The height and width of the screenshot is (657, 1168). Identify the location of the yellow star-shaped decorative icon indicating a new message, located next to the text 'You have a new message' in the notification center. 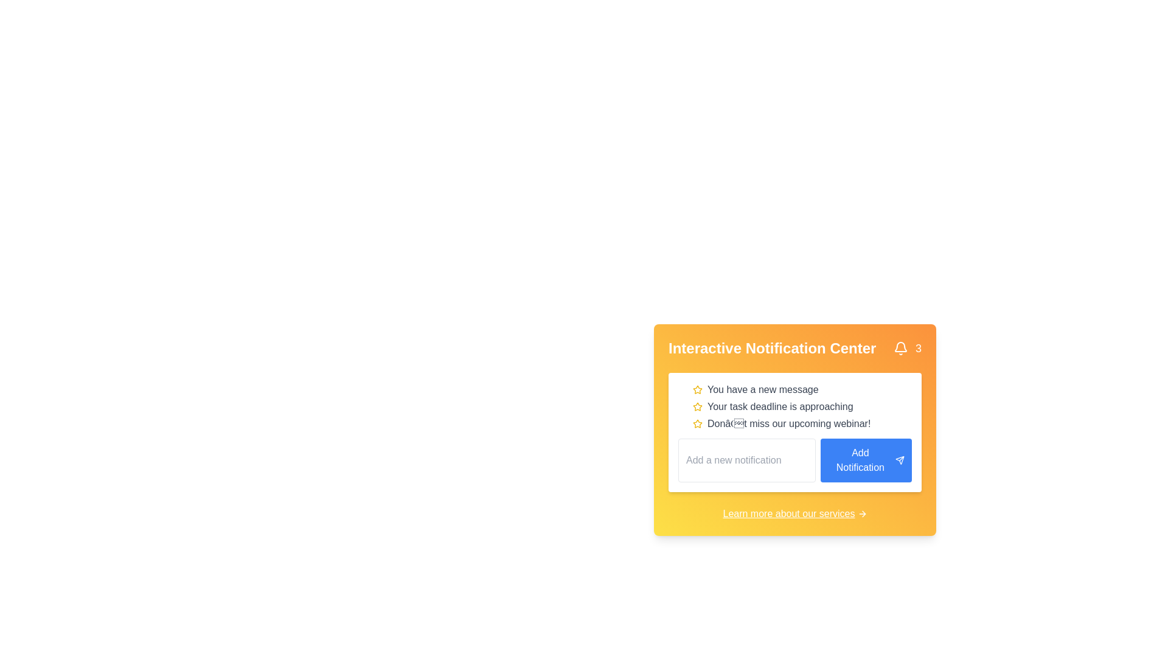
(698, 389).